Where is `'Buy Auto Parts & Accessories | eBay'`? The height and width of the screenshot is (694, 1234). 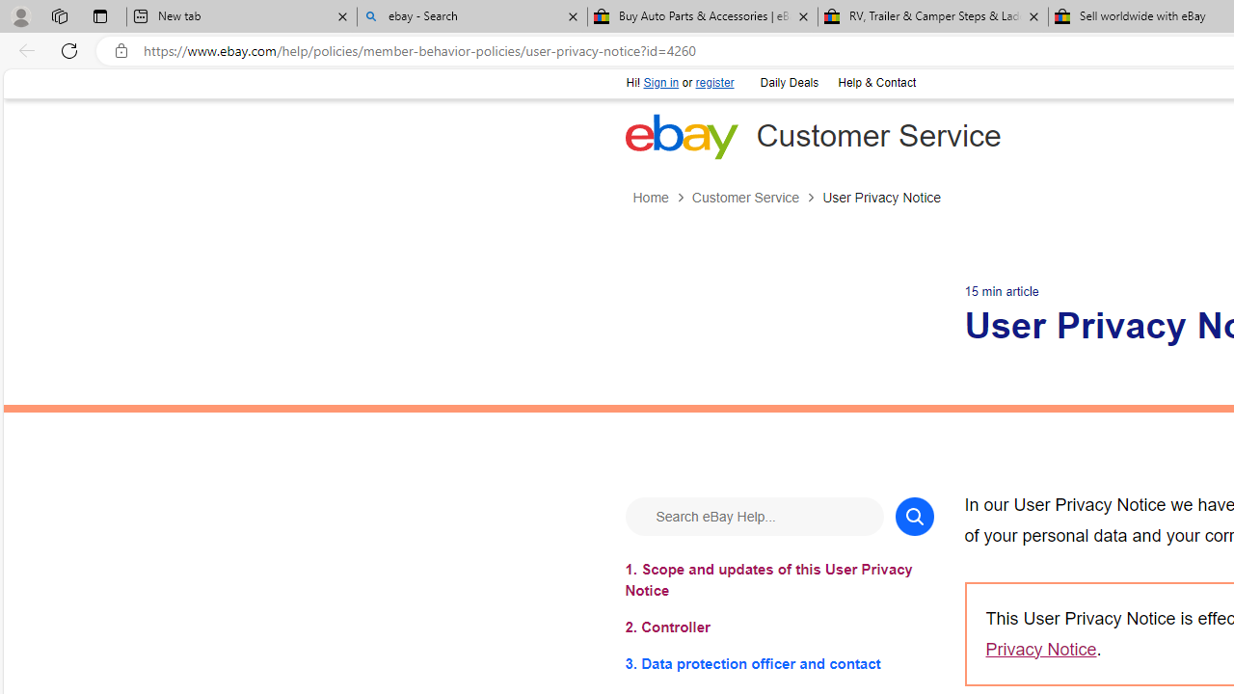 'Buy Auto Parts & Accessories | eBay' is located at coordinates (702, 16).